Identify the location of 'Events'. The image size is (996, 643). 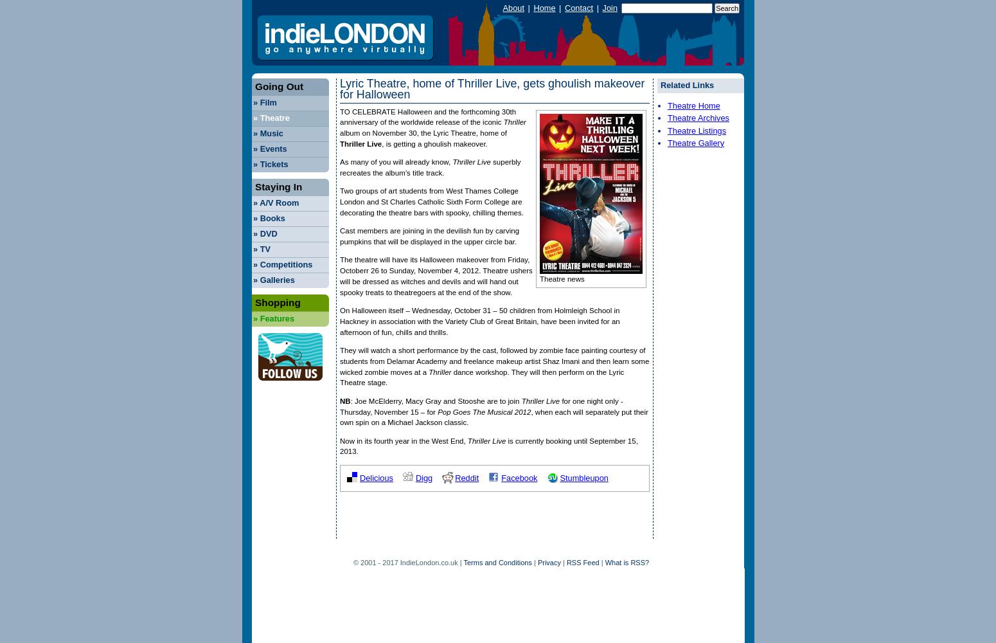
(272, 147).